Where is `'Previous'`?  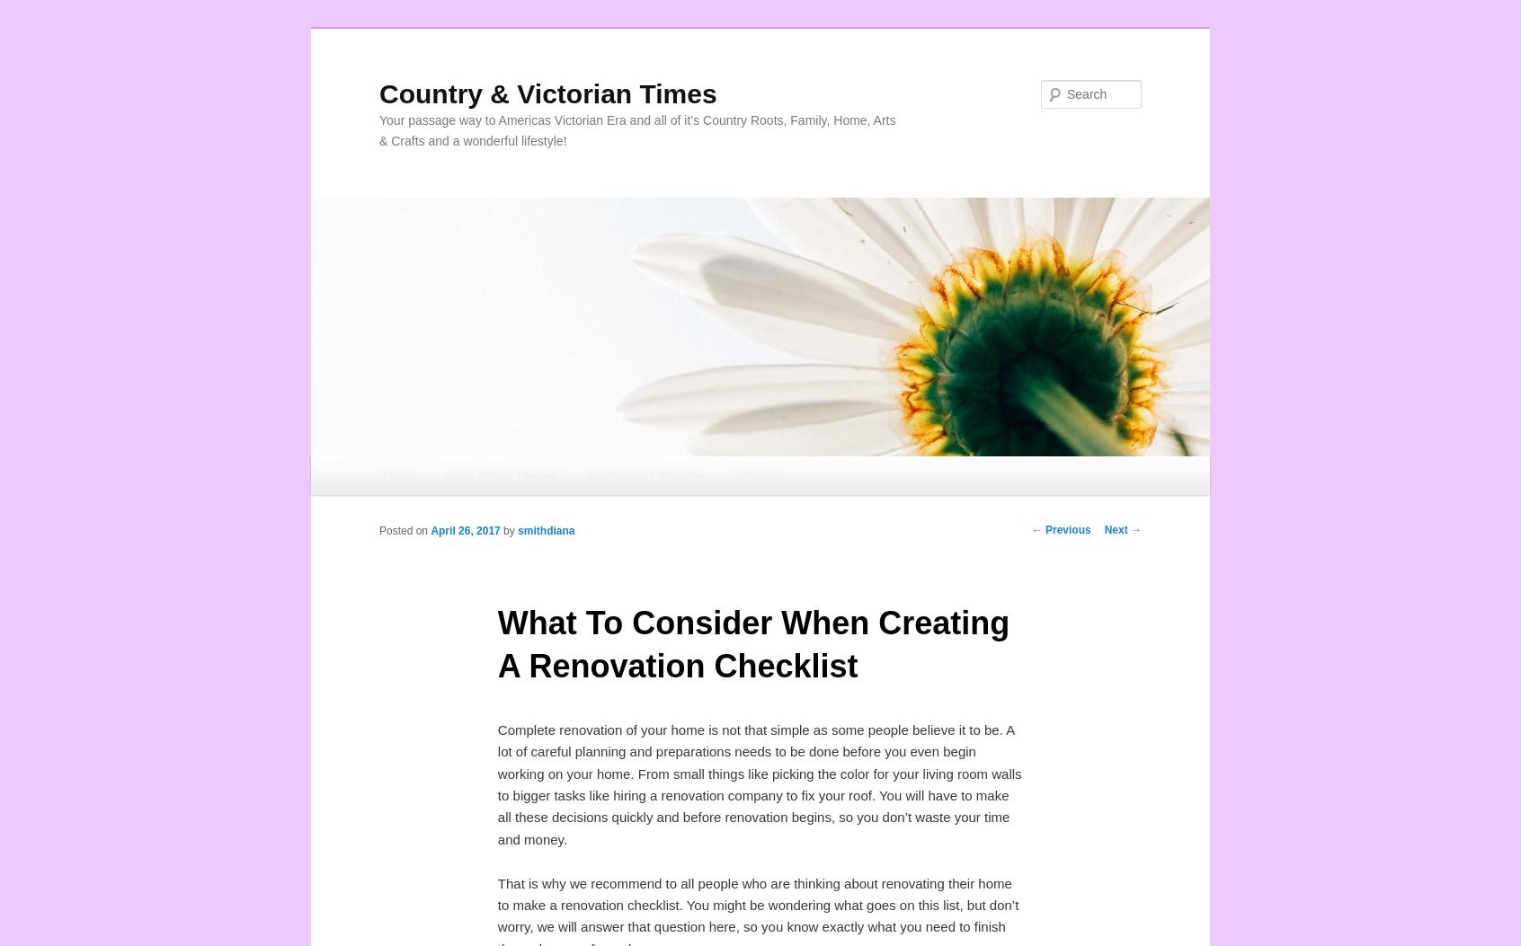 'Previous' is located at coordinates (1064, 529).